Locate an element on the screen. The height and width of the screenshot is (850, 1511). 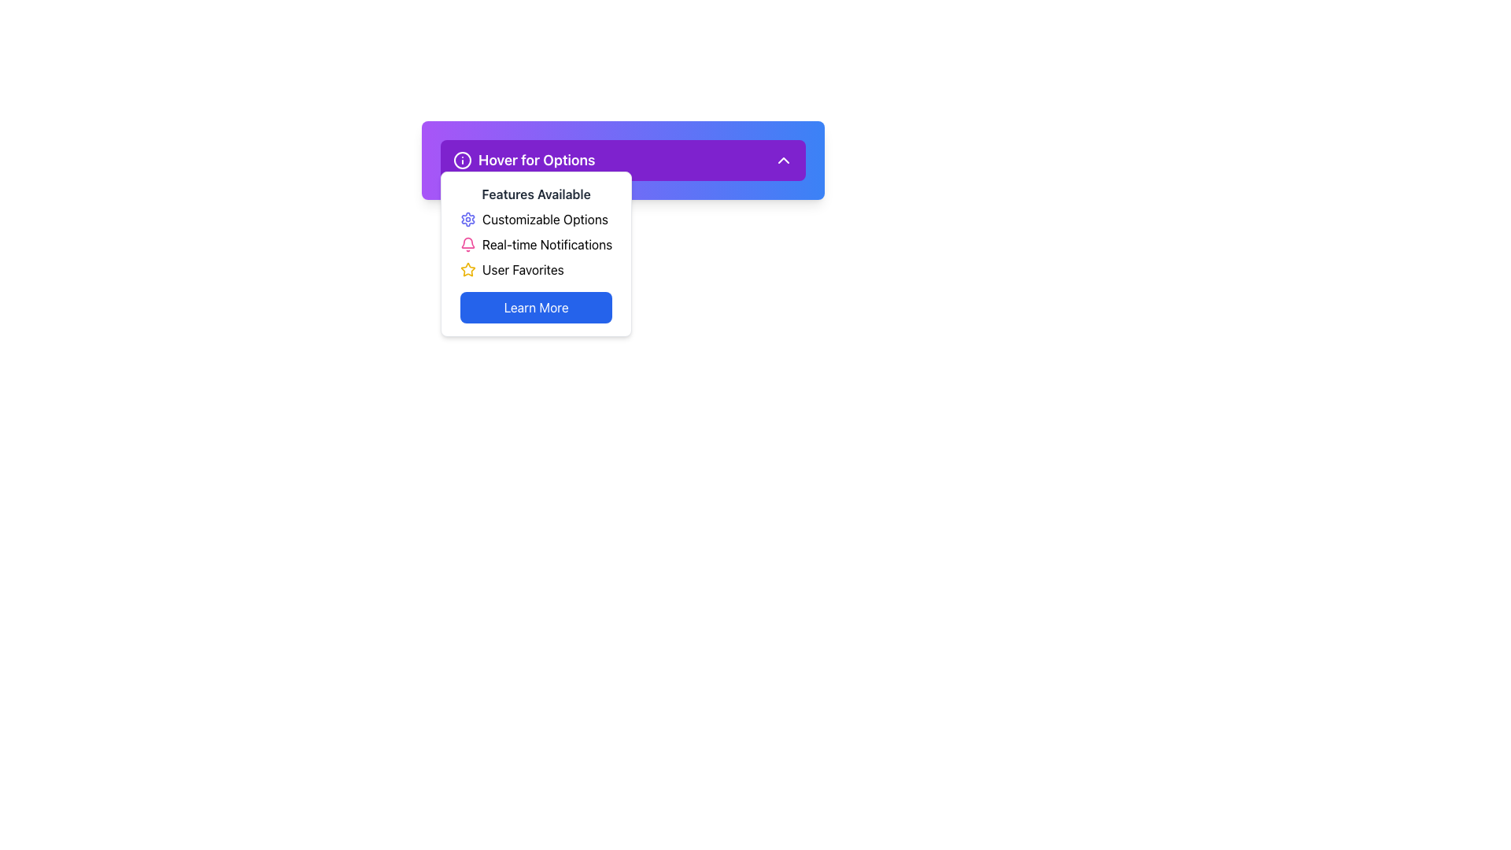
the fourth item in the dropdown menu for 'User Favorites' is located at coordinates (523, 269).